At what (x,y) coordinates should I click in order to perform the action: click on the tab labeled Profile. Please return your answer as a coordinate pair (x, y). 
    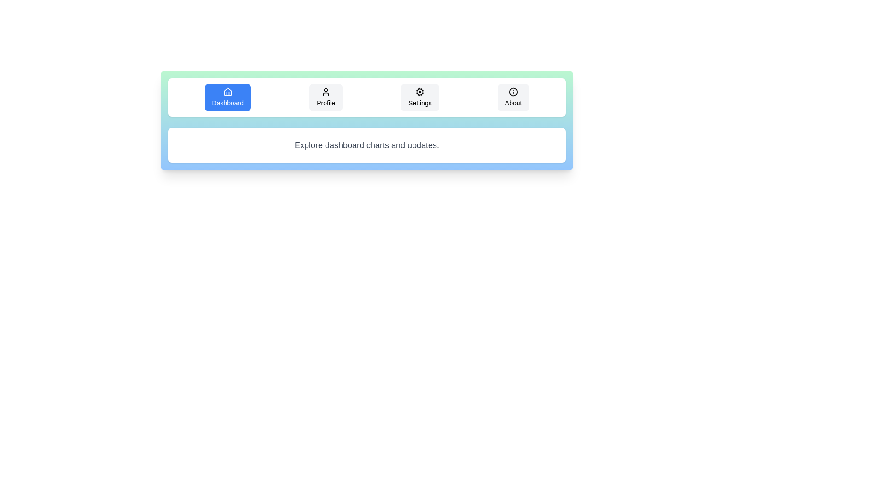
    Looking at the image, I should click on (326, 98).